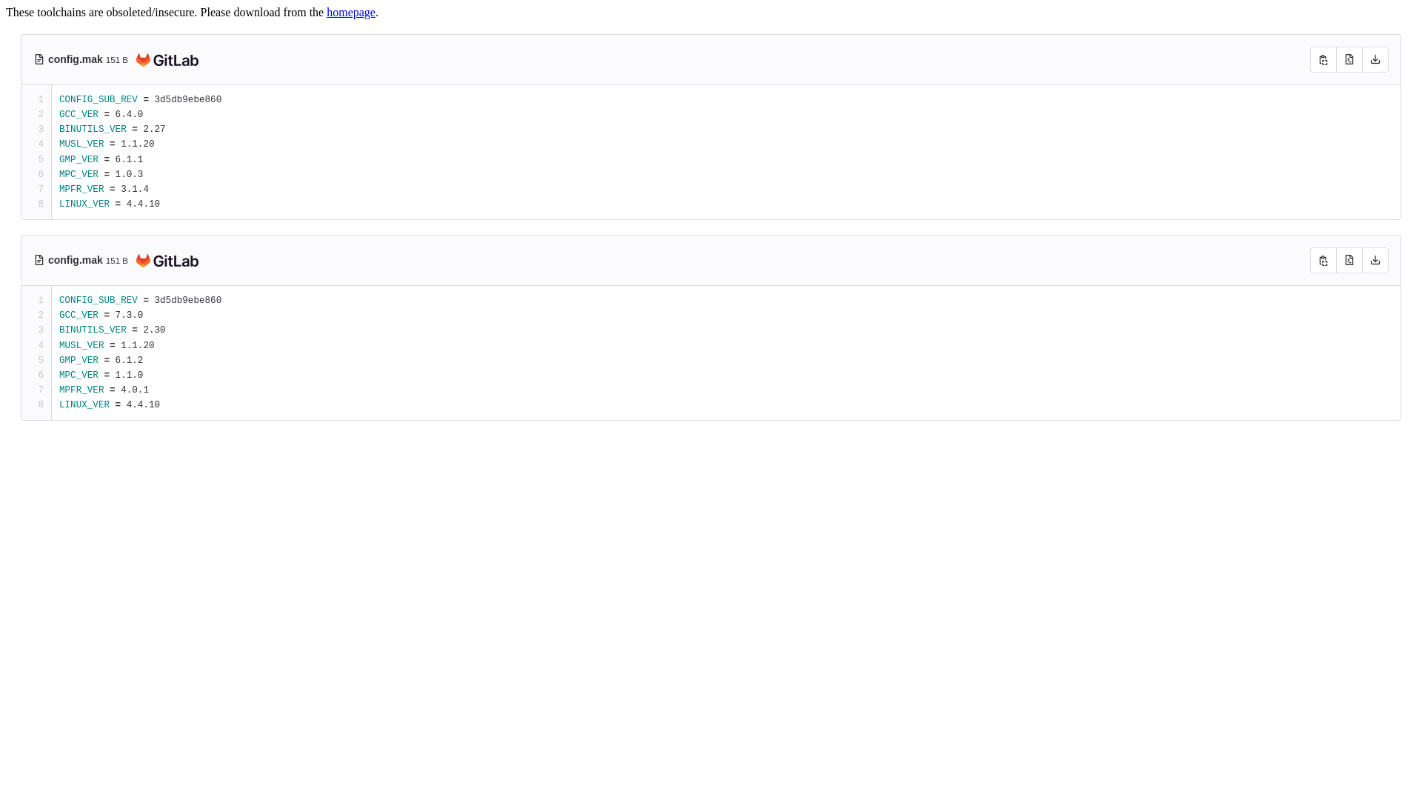 Image resolution: width=1422 pixels, height=800 pixels. I want to click on 'Open raw', so click(1349, 59).